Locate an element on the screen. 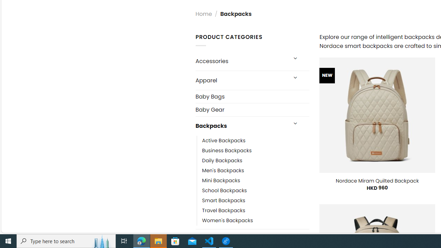 Image resolution: width=441 pixels, height=248 pixels. 'Mini Backpacks' is located at coordinates (221, 180).